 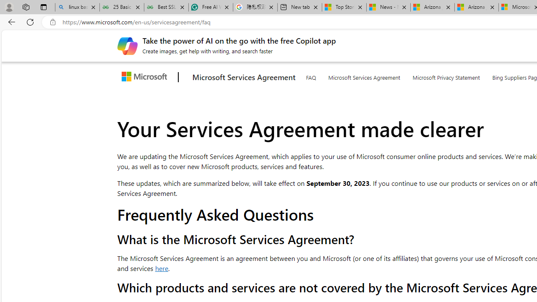 I want to click on 'Create images, get help with writing, and search faster', so click(x=127, y=46).